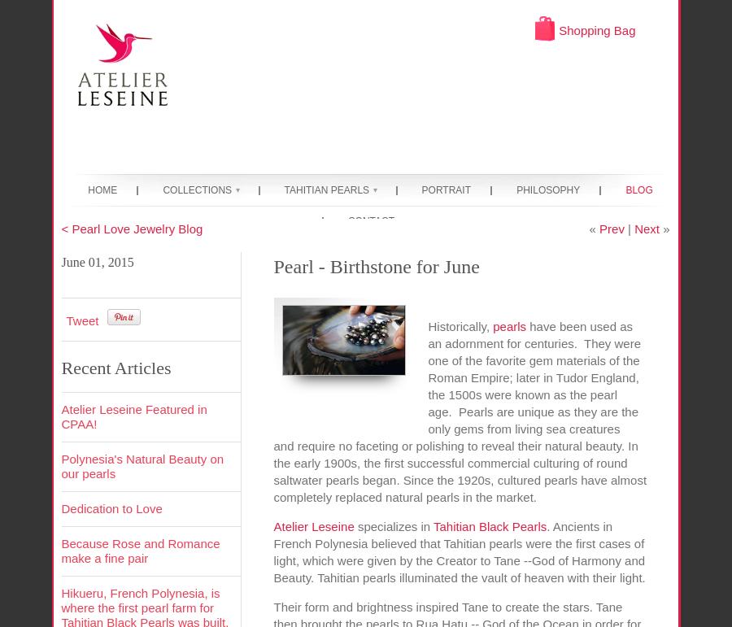 The image size is (732, 627). Describe the element at coordinates (490, 525) in the screenshot. I see `'Tahitian Black Pearls'` at that location.